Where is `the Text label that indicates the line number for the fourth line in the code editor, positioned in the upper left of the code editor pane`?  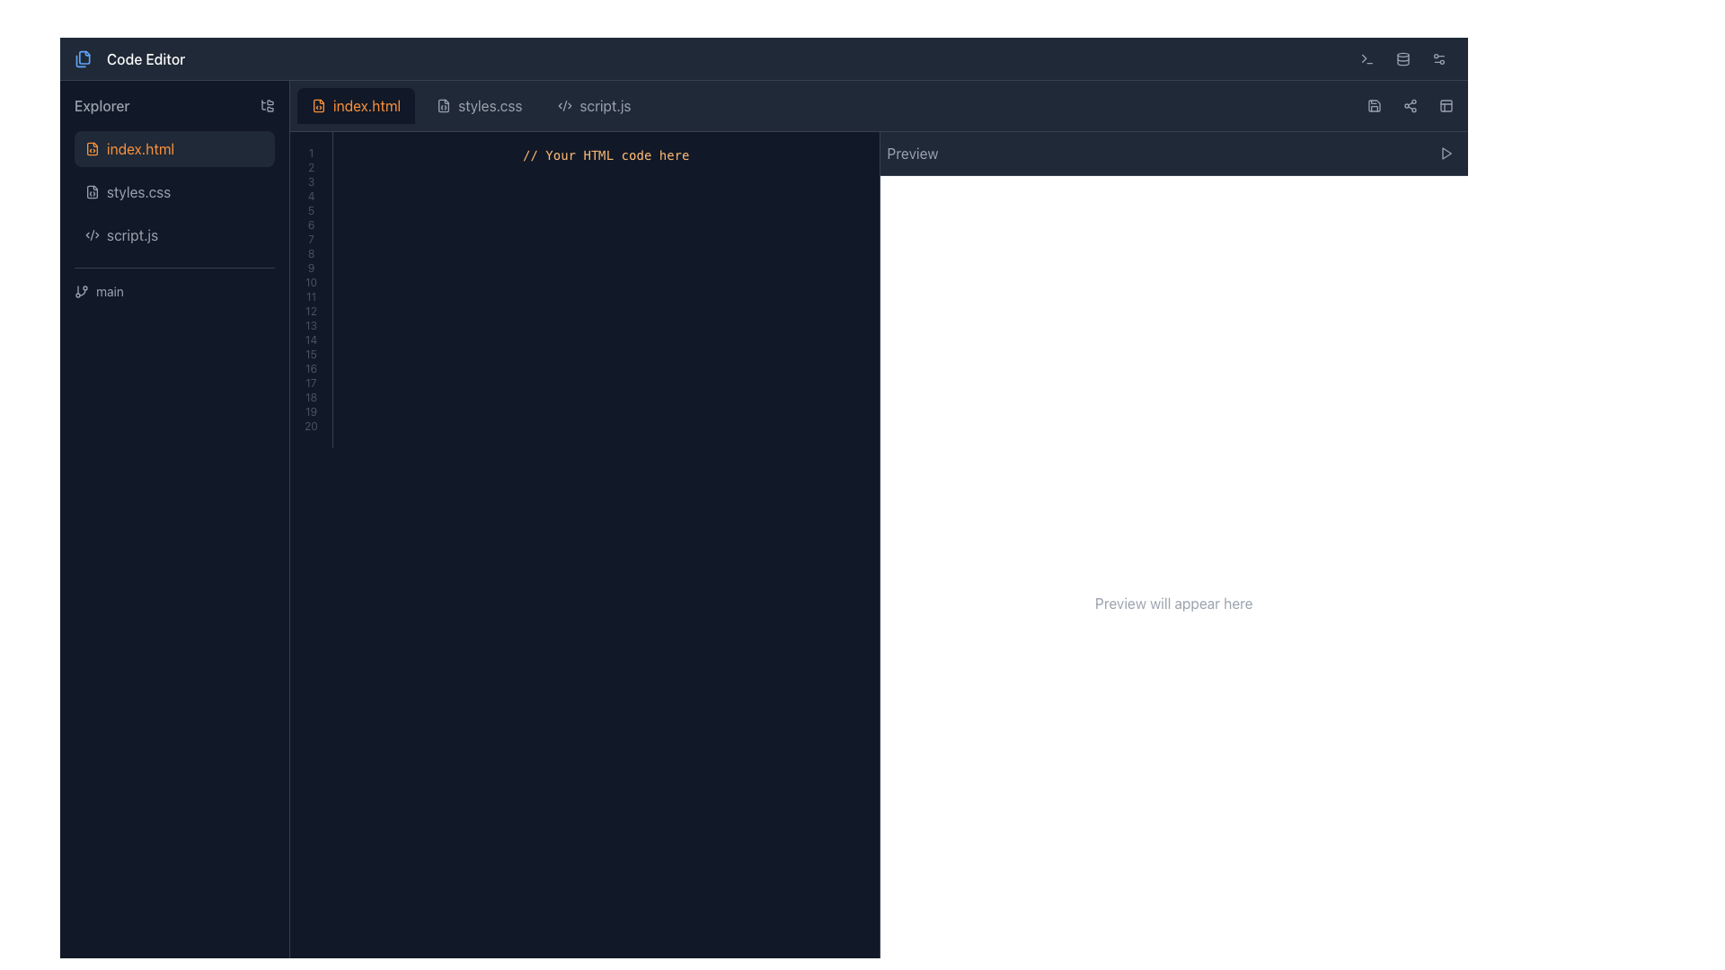
the Text label that indicates the line number for the fourth line in the code editor, positioned in the upper left of the code editor pane is located at coordinates (311, 197).